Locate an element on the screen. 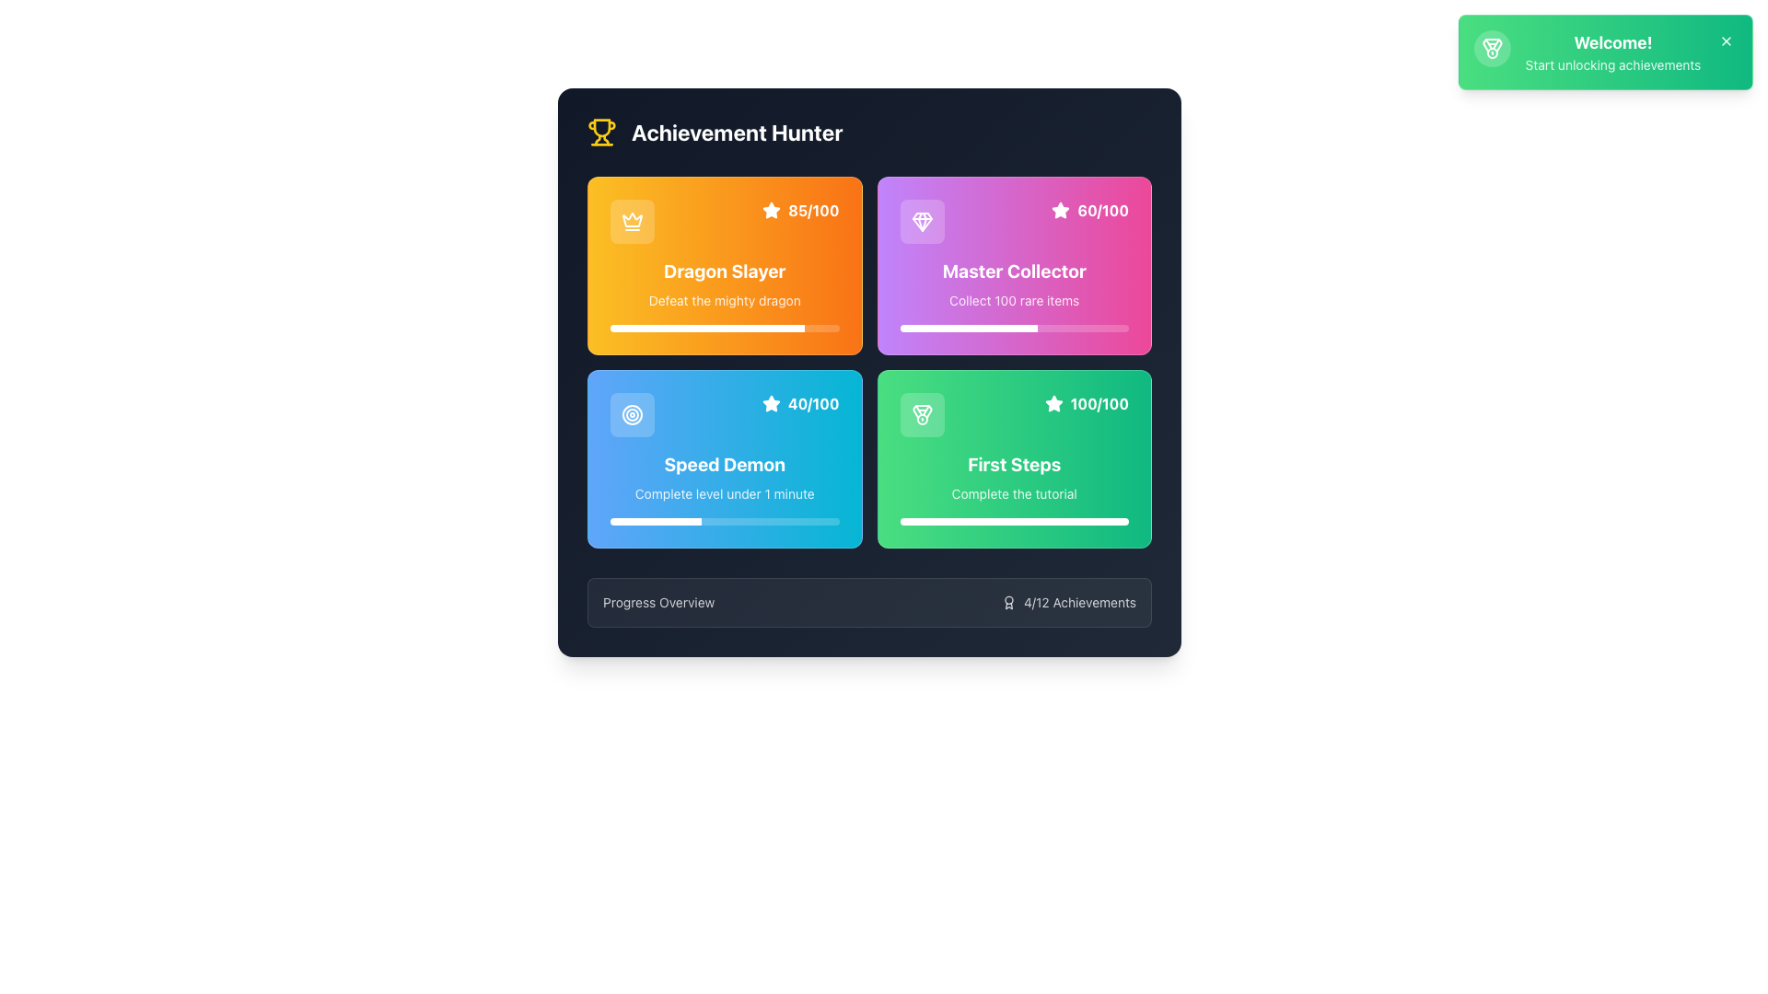  the Text Display element that shows the score or progress metric, located in the bottom right card titled 'First Steps', next to a star icon is located at coordinates (1099, 403).